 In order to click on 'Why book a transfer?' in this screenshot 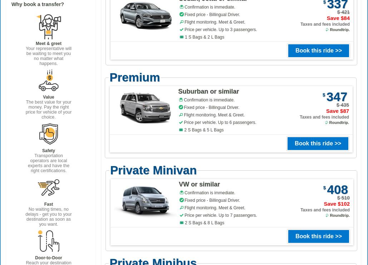, I will do `click(11, 4)`.